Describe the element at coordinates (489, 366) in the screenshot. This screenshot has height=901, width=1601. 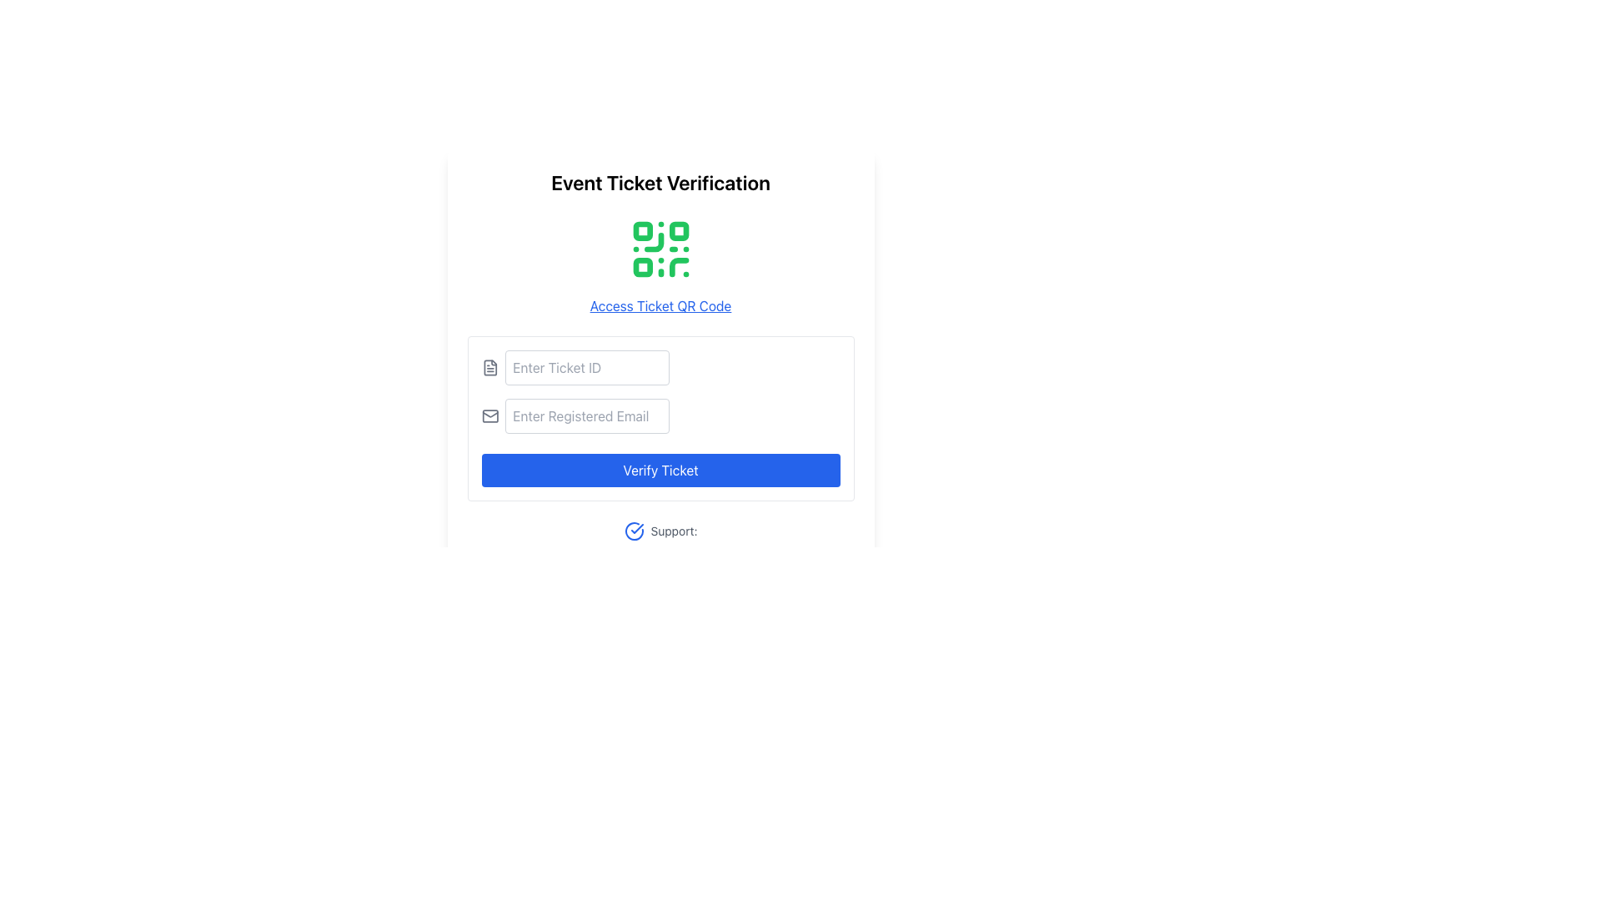
I see `the document icon that has a minimalist design and is located to the left of the 'Enter Ticket ID' text input field` at that location.